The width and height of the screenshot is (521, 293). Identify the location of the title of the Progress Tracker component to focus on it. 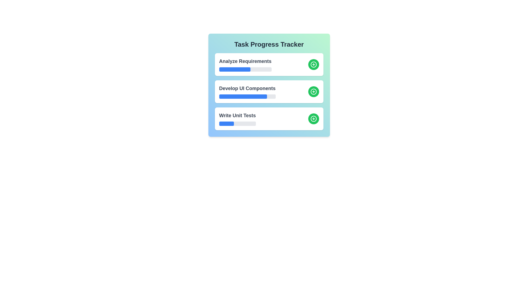
(269, 44).